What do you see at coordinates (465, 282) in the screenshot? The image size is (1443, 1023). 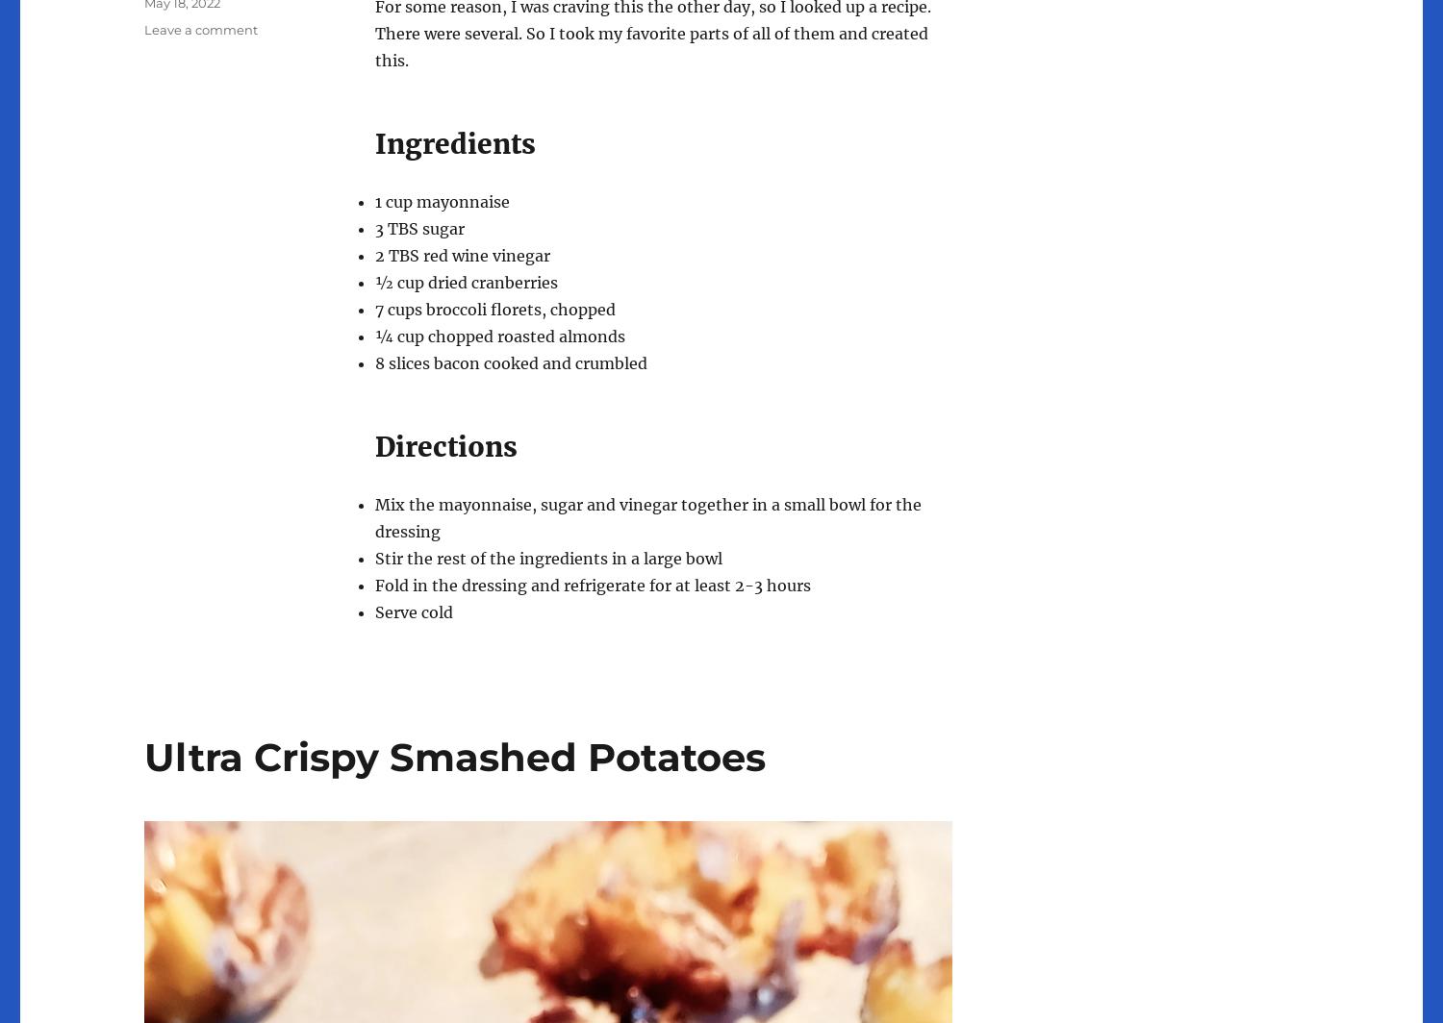 I see `'½ cup dried cranberries'` at bounding box center [465, 282].